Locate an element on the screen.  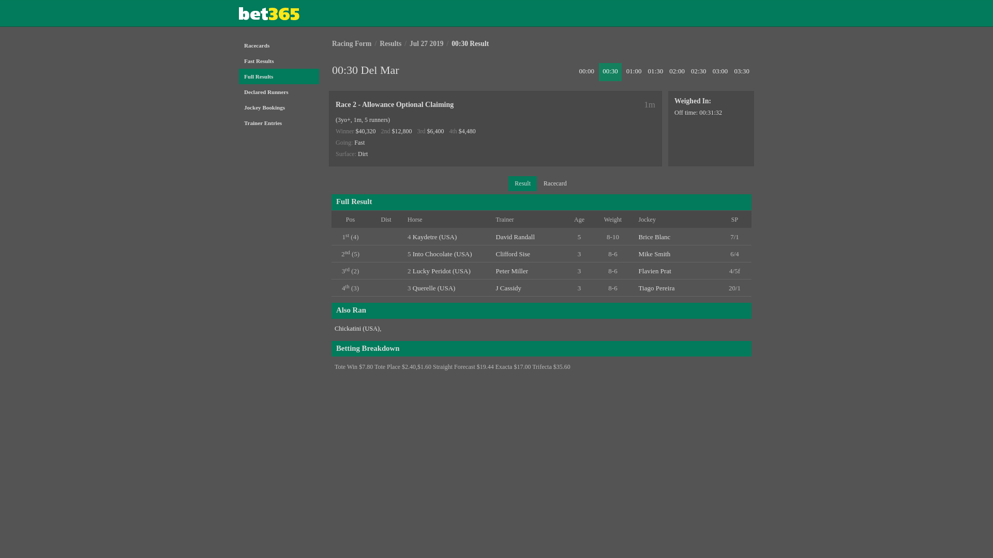
'Racing Form' is located at coordinates (352, 43).